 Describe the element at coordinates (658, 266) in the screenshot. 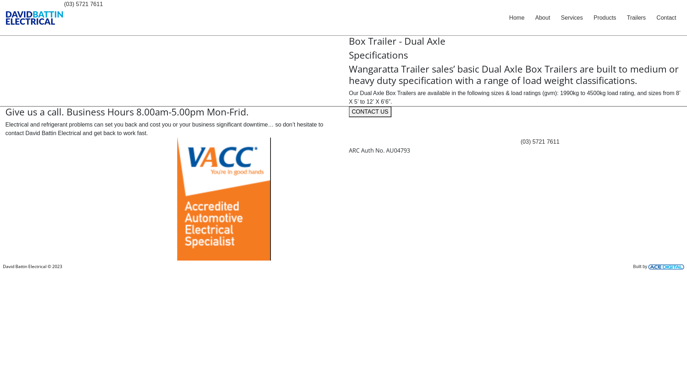

I see `'Built by'` at that location.